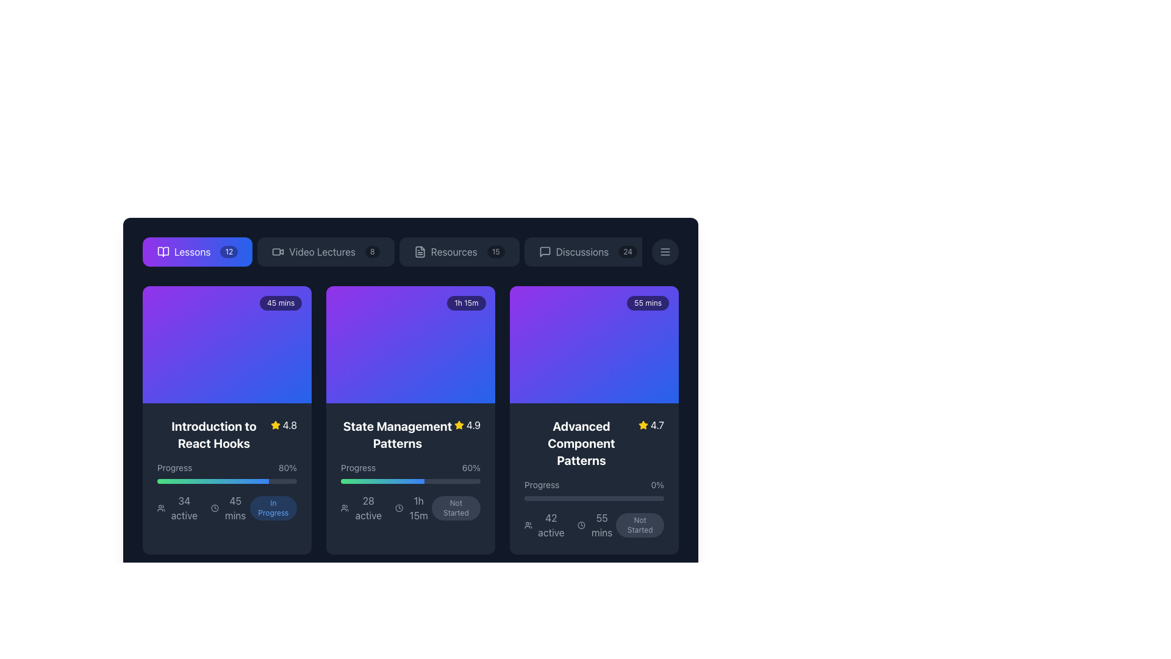 Image resolution: width=1171 pixels, height=659 pixels. Describe the element at coordinates (194, 481) in the screenshot. I see `the progress bar` at that location.